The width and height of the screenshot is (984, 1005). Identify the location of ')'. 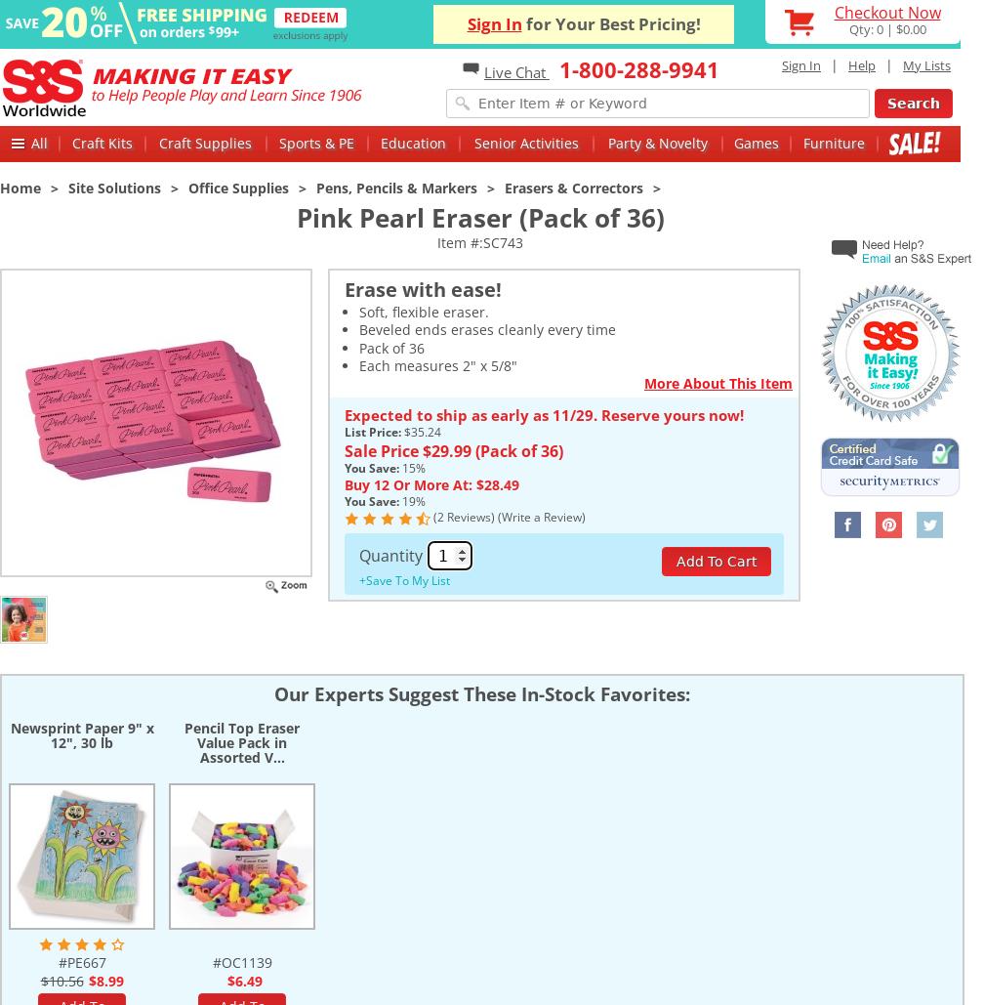
(584, 516).